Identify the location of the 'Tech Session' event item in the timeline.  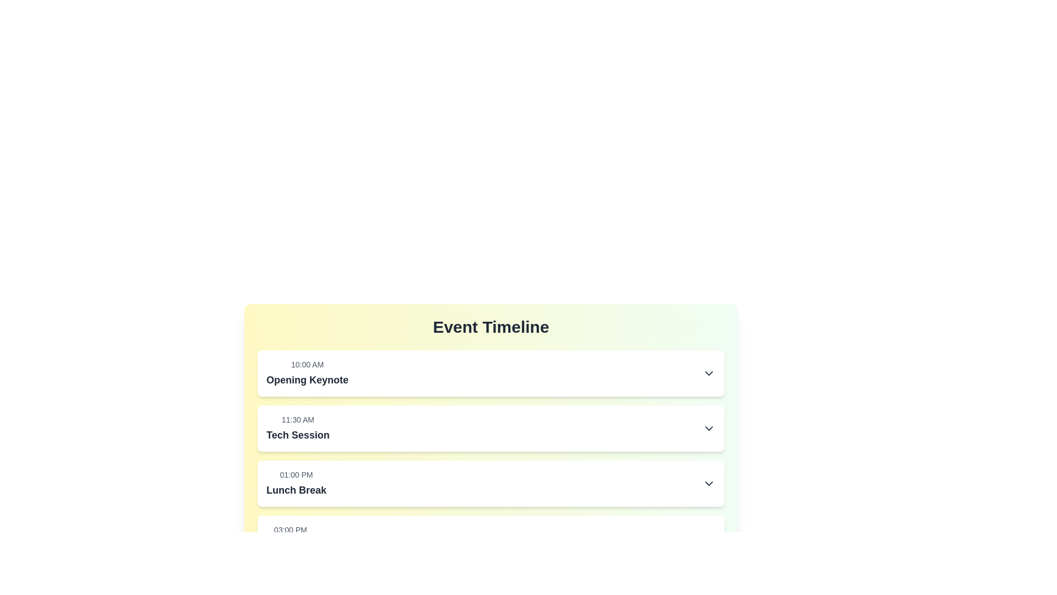
(491, 428).